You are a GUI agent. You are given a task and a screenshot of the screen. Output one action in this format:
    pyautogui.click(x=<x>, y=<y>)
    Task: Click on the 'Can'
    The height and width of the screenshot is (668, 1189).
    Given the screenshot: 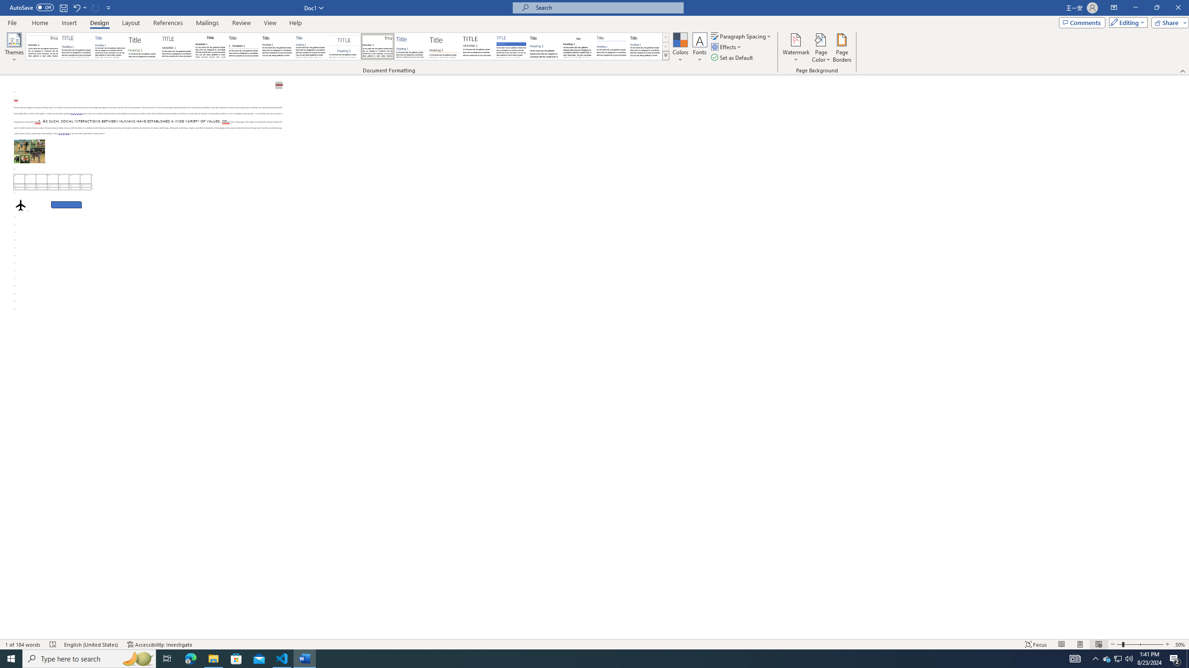 What is the action you would take?
    pyautogui.click(x=95, y=7)
    